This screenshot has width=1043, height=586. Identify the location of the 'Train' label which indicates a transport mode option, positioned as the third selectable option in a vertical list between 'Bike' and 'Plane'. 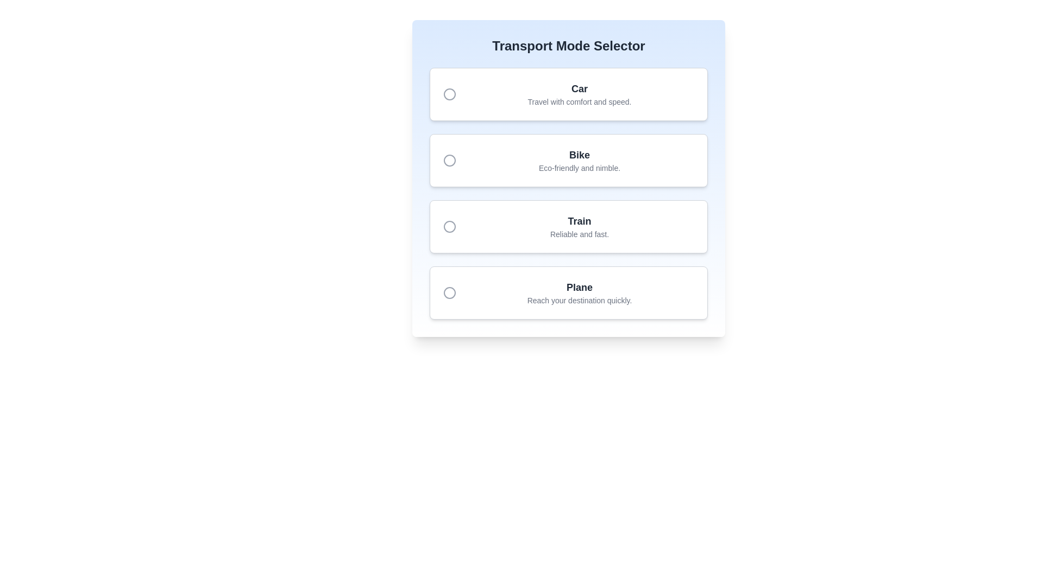
(579, 226).